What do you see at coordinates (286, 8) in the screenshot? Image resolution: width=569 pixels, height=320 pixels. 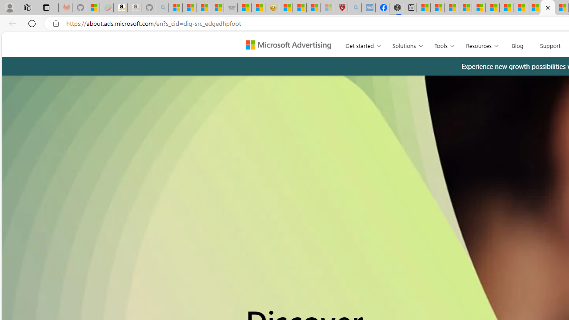 I see `'Recipes - MSN'` at bounding box center [286, 8].